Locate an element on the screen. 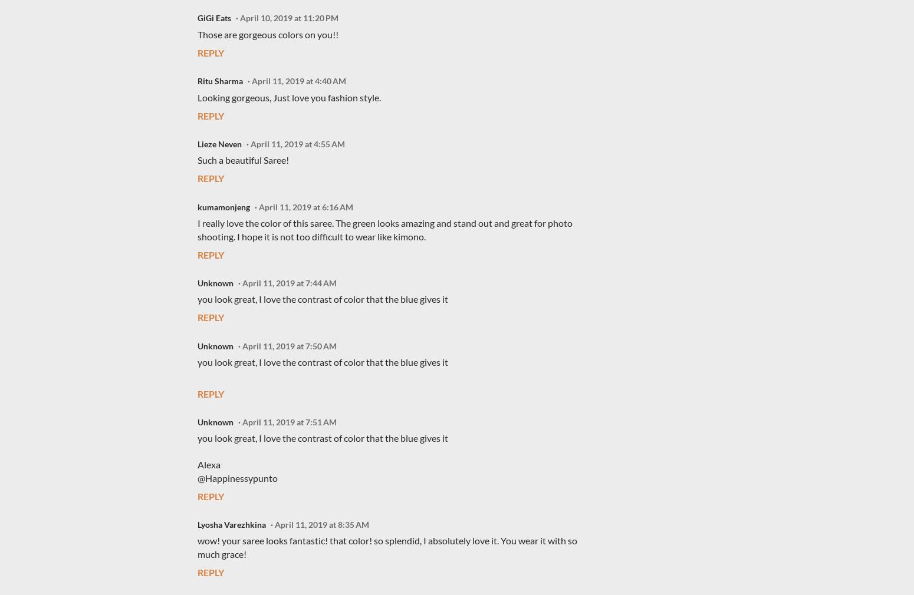  '@Happinessypunto' is located at coordinates (238, 477).